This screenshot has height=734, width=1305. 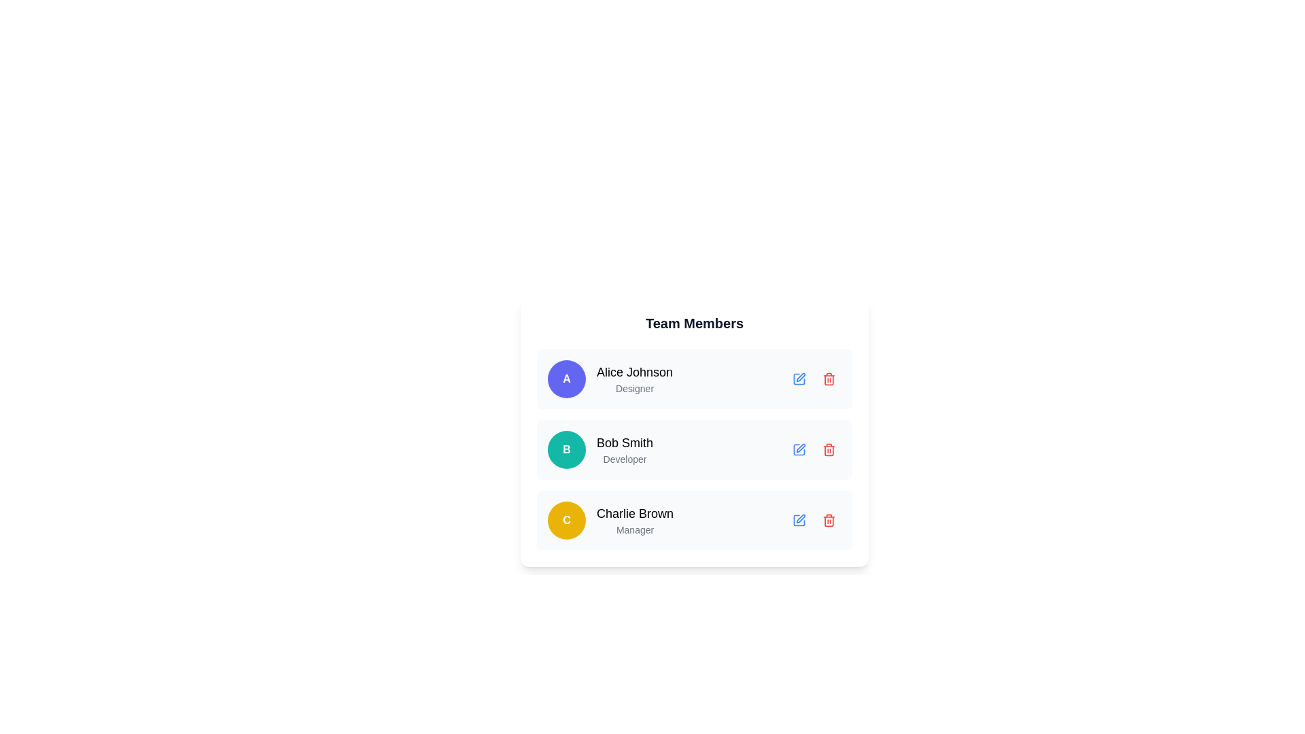 What do you see at coordinates (799, 379) in the screenshot?
I see `the edit button located to the right of 'Alice Johnson' in the 'Team Members' list` at bounding box center [799, 379].